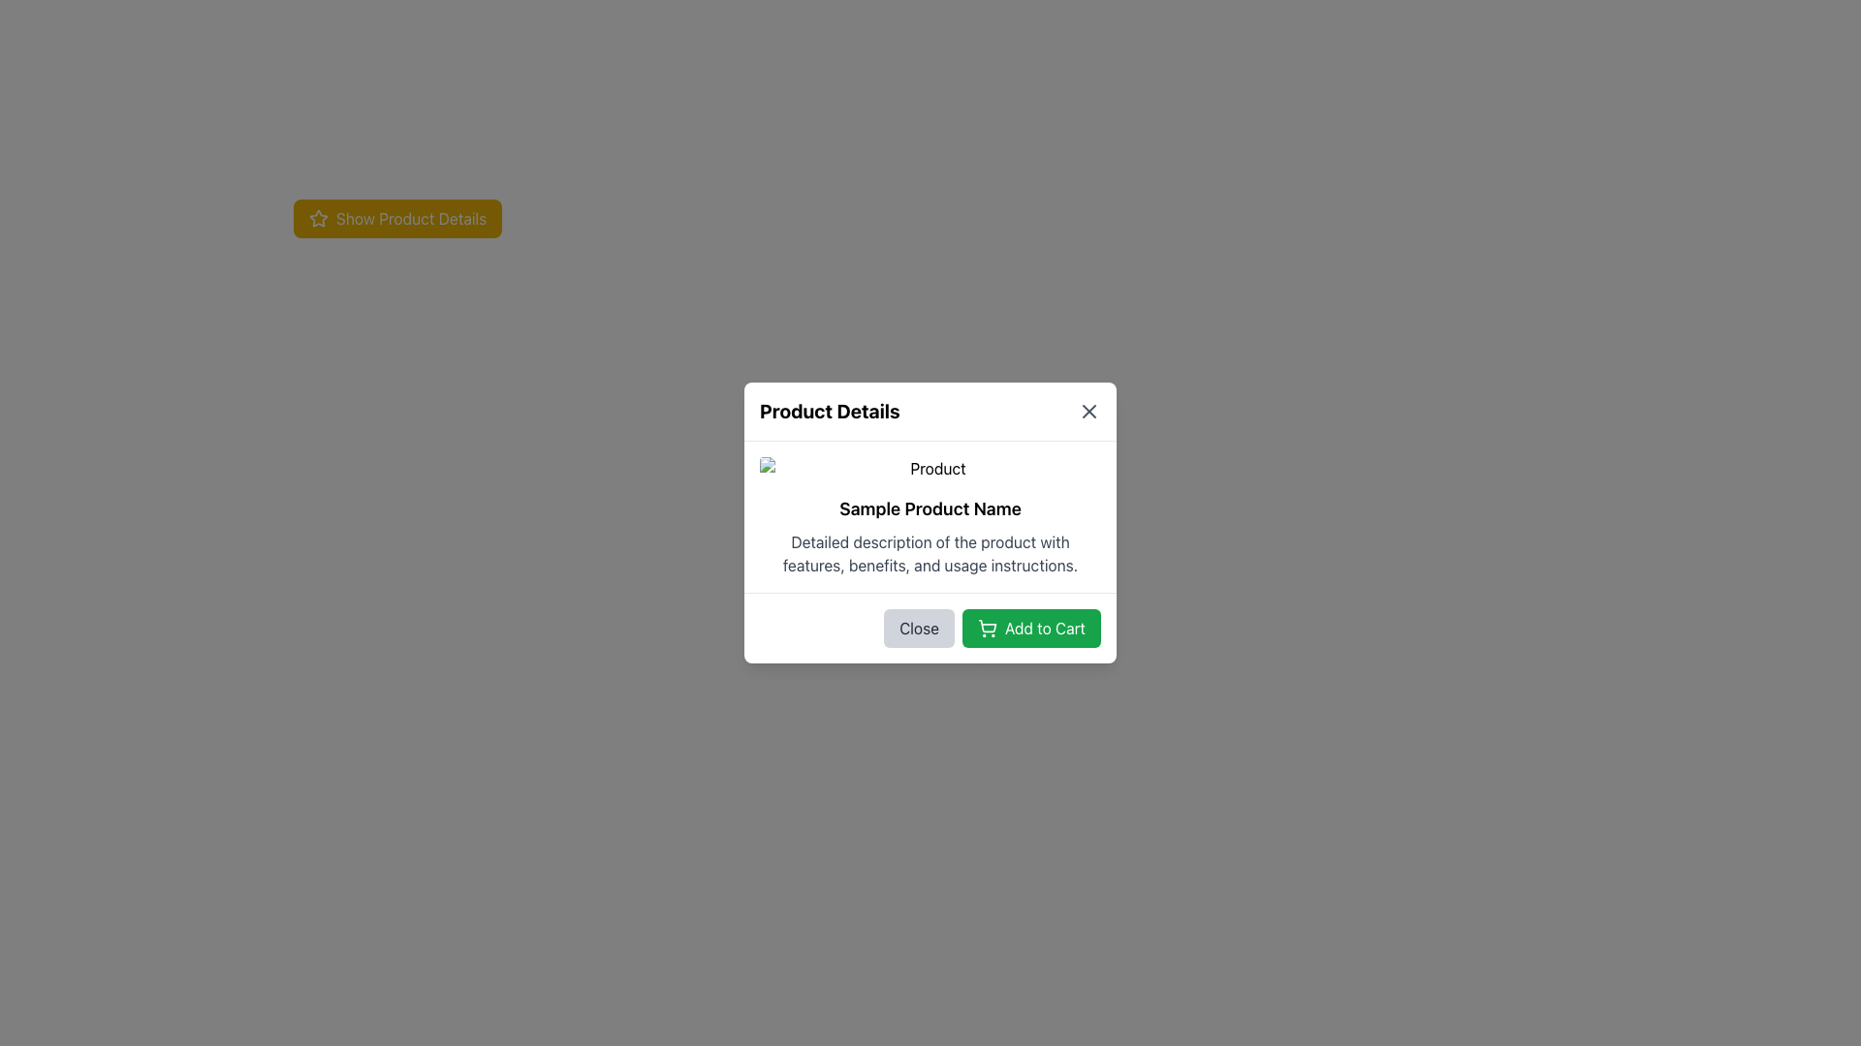  Describe the element at coordinates (987, 628) in the screenshot. I see `the shopping cart icon located to the left of the 'Add to Cart' button text label` at that location.